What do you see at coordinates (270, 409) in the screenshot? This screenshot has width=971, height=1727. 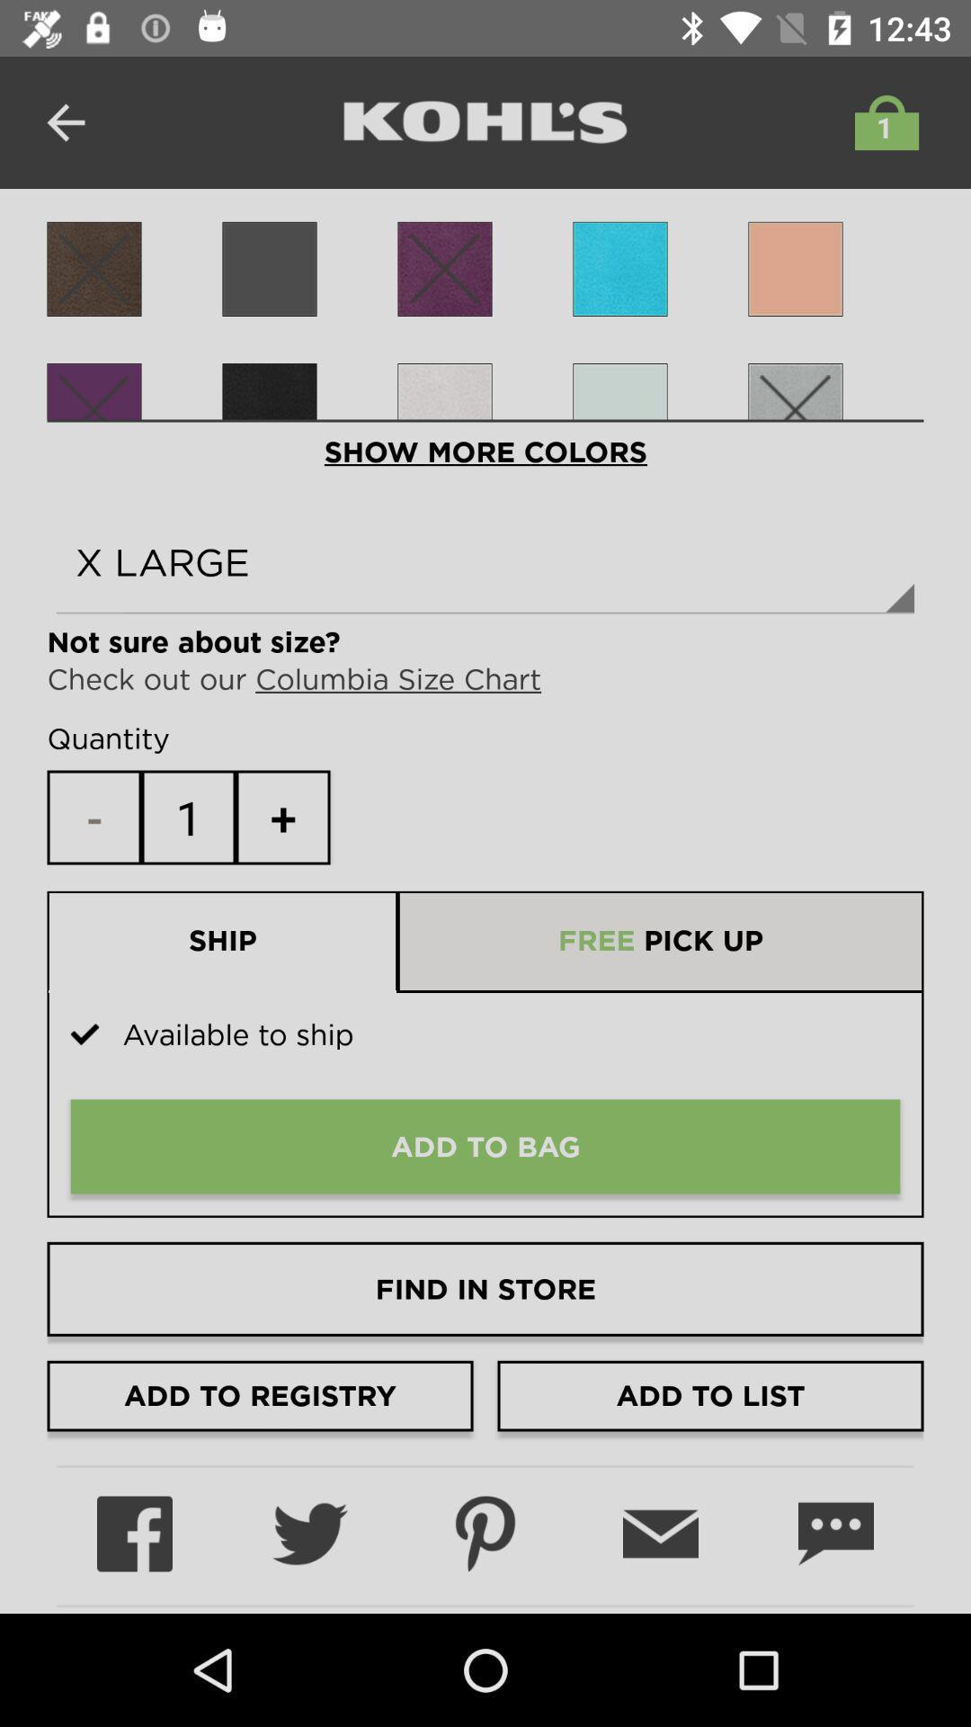 I see `the close icon` at bounding box center [270, 409].